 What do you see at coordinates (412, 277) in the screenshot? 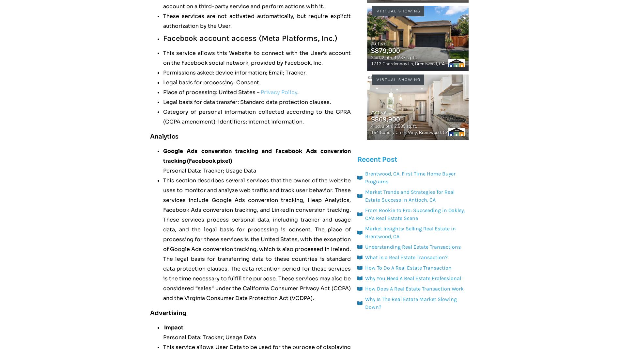
I see `'Why You Need A Real Estate Professional'` at bounding box center [412, 277].